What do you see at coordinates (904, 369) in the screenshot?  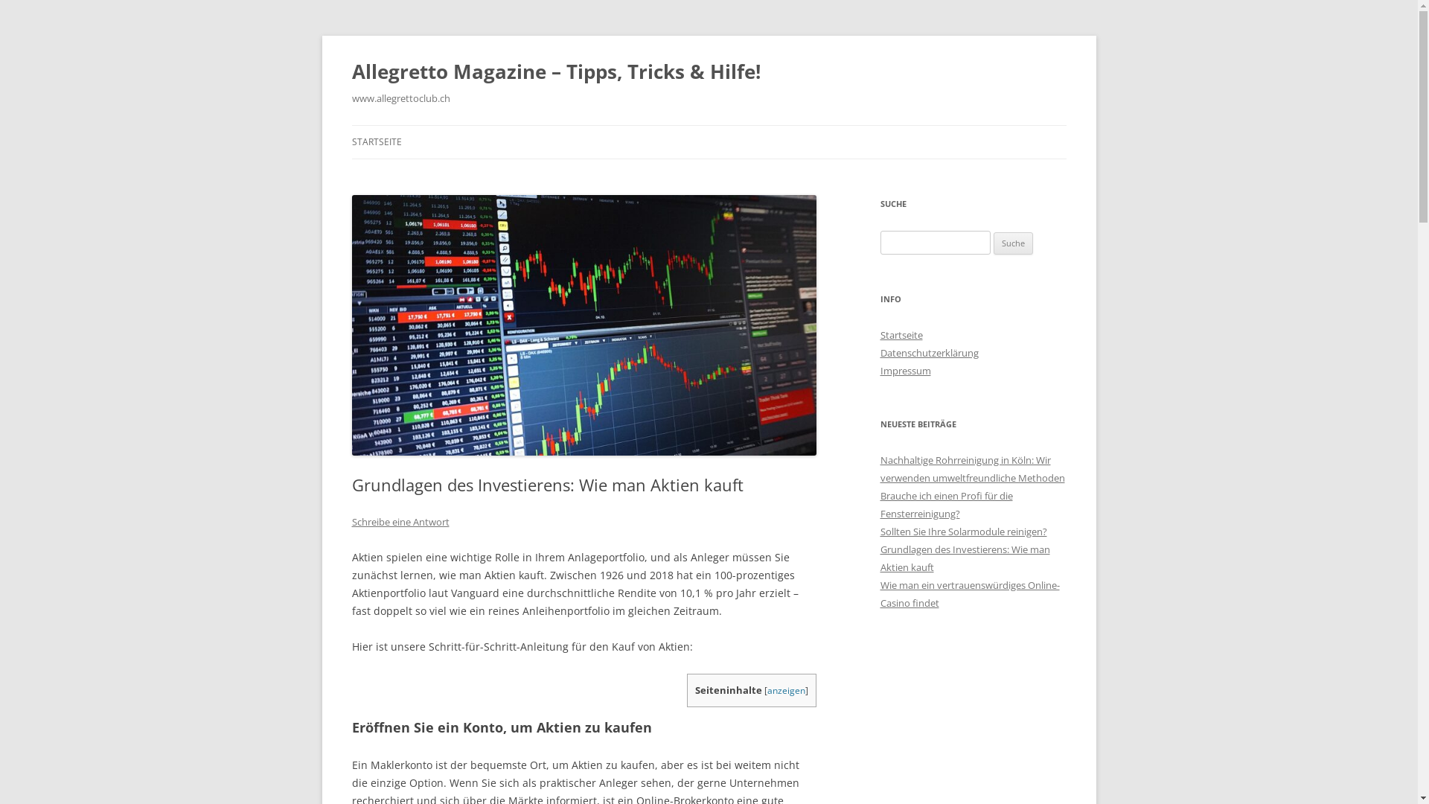 I see `'Impressum'` at bounding box center [904, 369].